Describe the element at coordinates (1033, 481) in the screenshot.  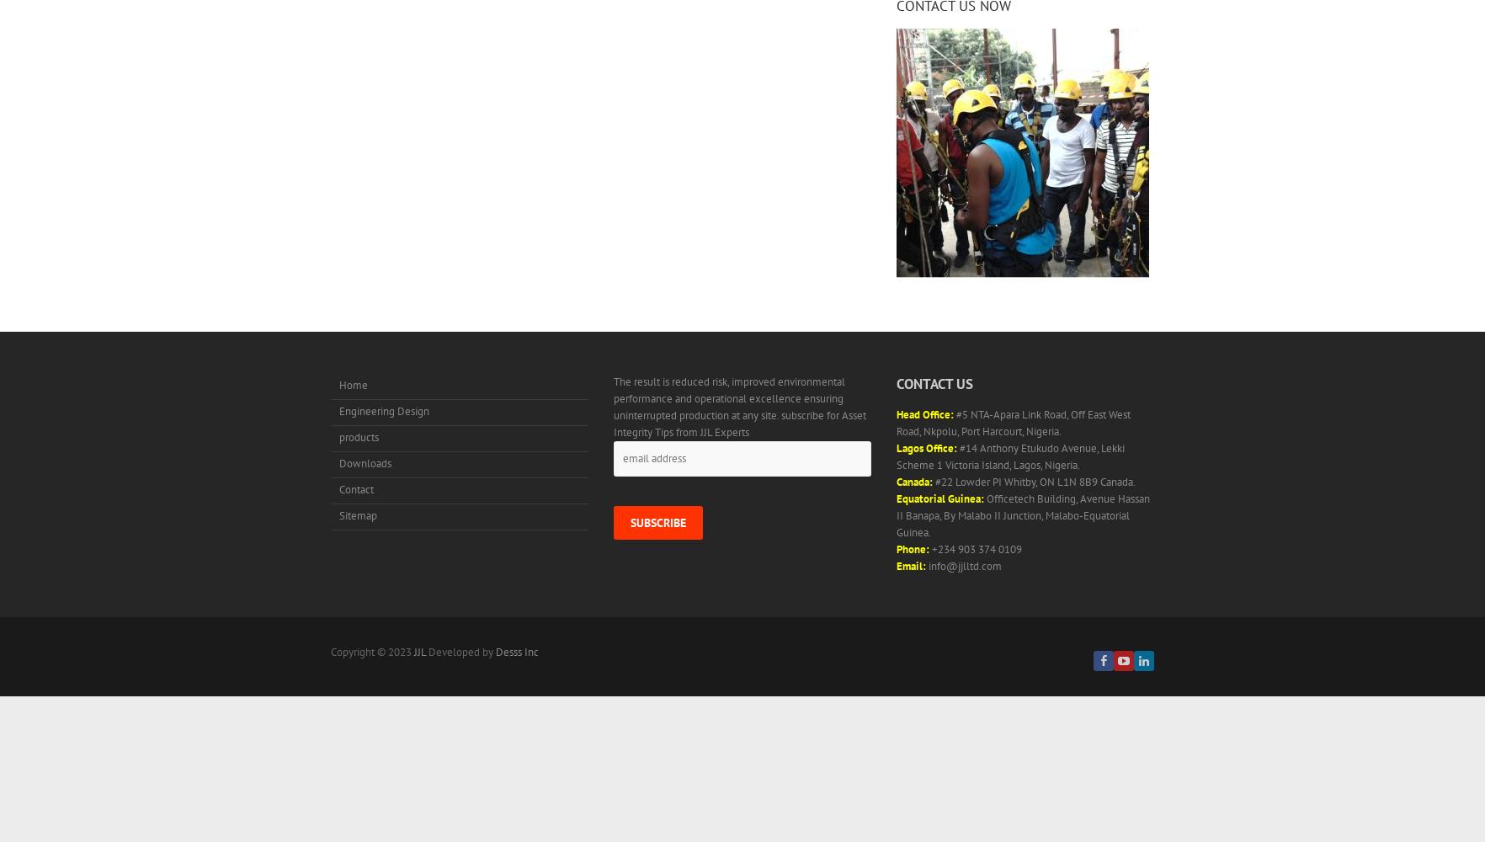
I see `'#22 Lowder PI Whitby, ON L1N 8B9 Canada.'` at that location.